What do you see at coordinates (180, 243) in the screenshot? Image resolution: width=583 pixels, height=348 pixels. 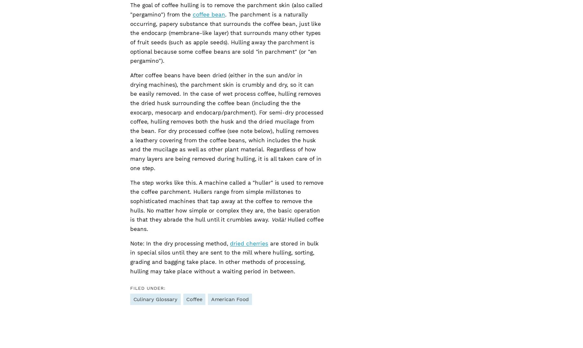 I see `'Note: In the dry processing method,'` at bounding box center [180, 243].